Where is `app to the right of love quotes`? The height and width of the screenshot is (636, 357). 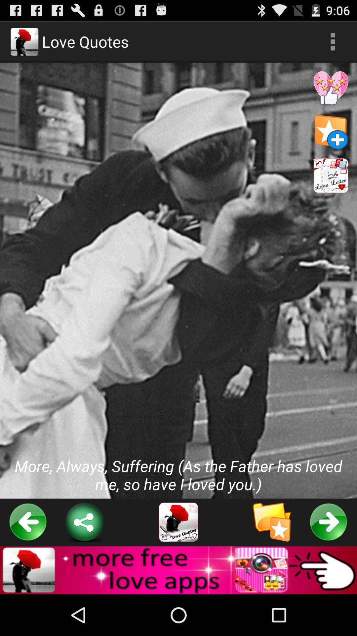 app to the right of love quotes is located at coordinates (333, 41).